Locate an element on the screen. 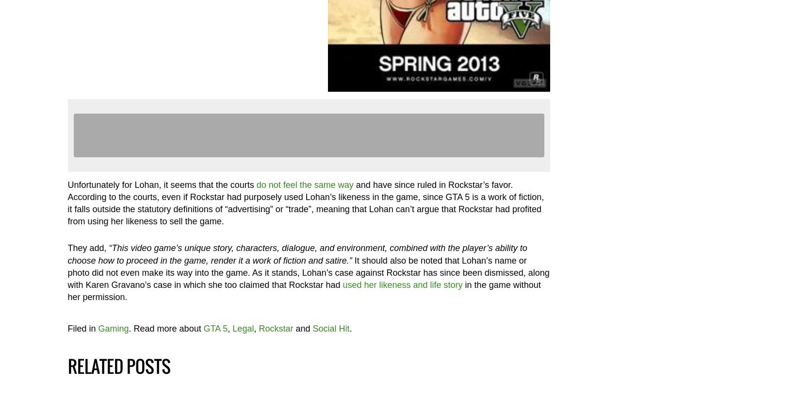 The image size is (801, 402). 'Social Hit' is located at coordinates (312, 328).